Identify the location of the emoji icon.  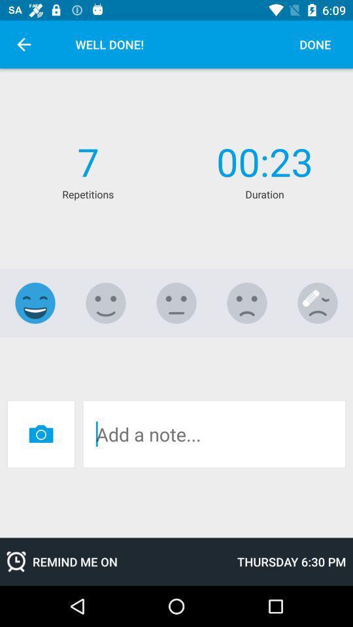
(105, 303).